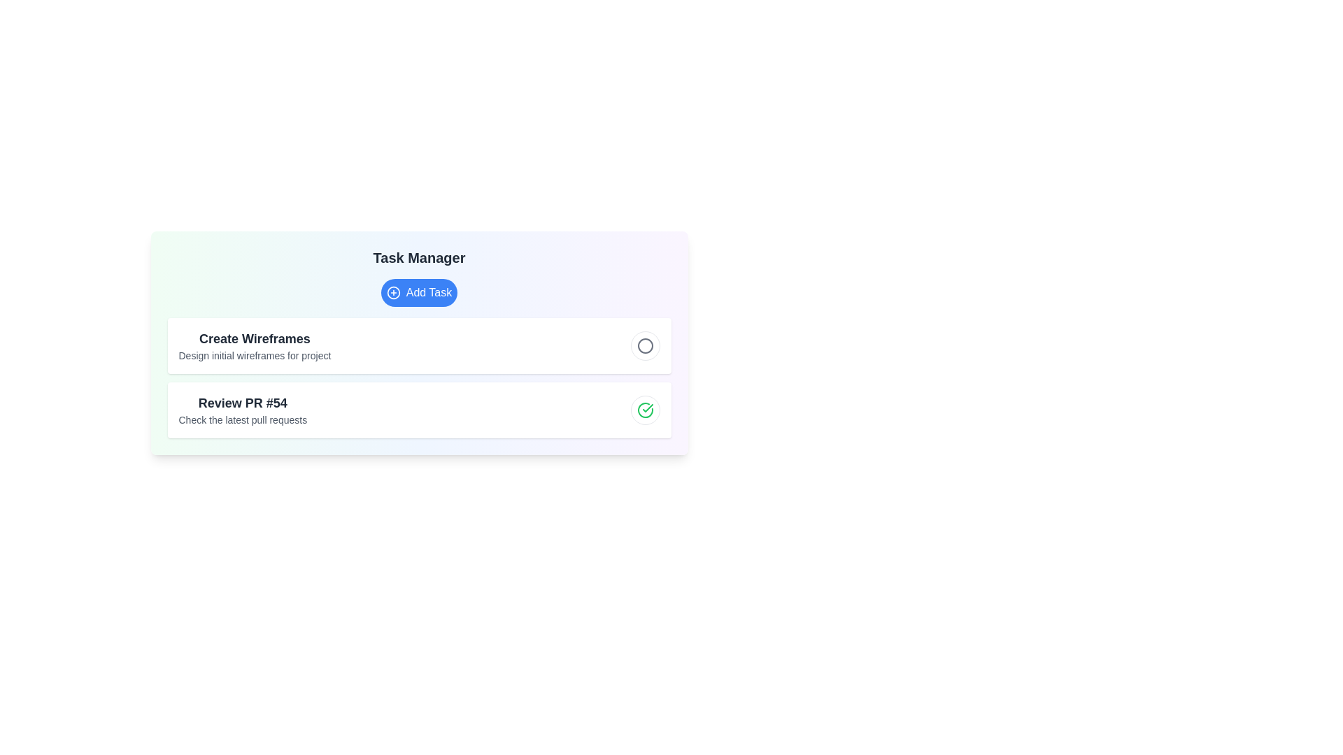  Describe the element at coordinates (418, 292) in the screenshot. I see `the 'Add Task' button to add a new task` at that location.